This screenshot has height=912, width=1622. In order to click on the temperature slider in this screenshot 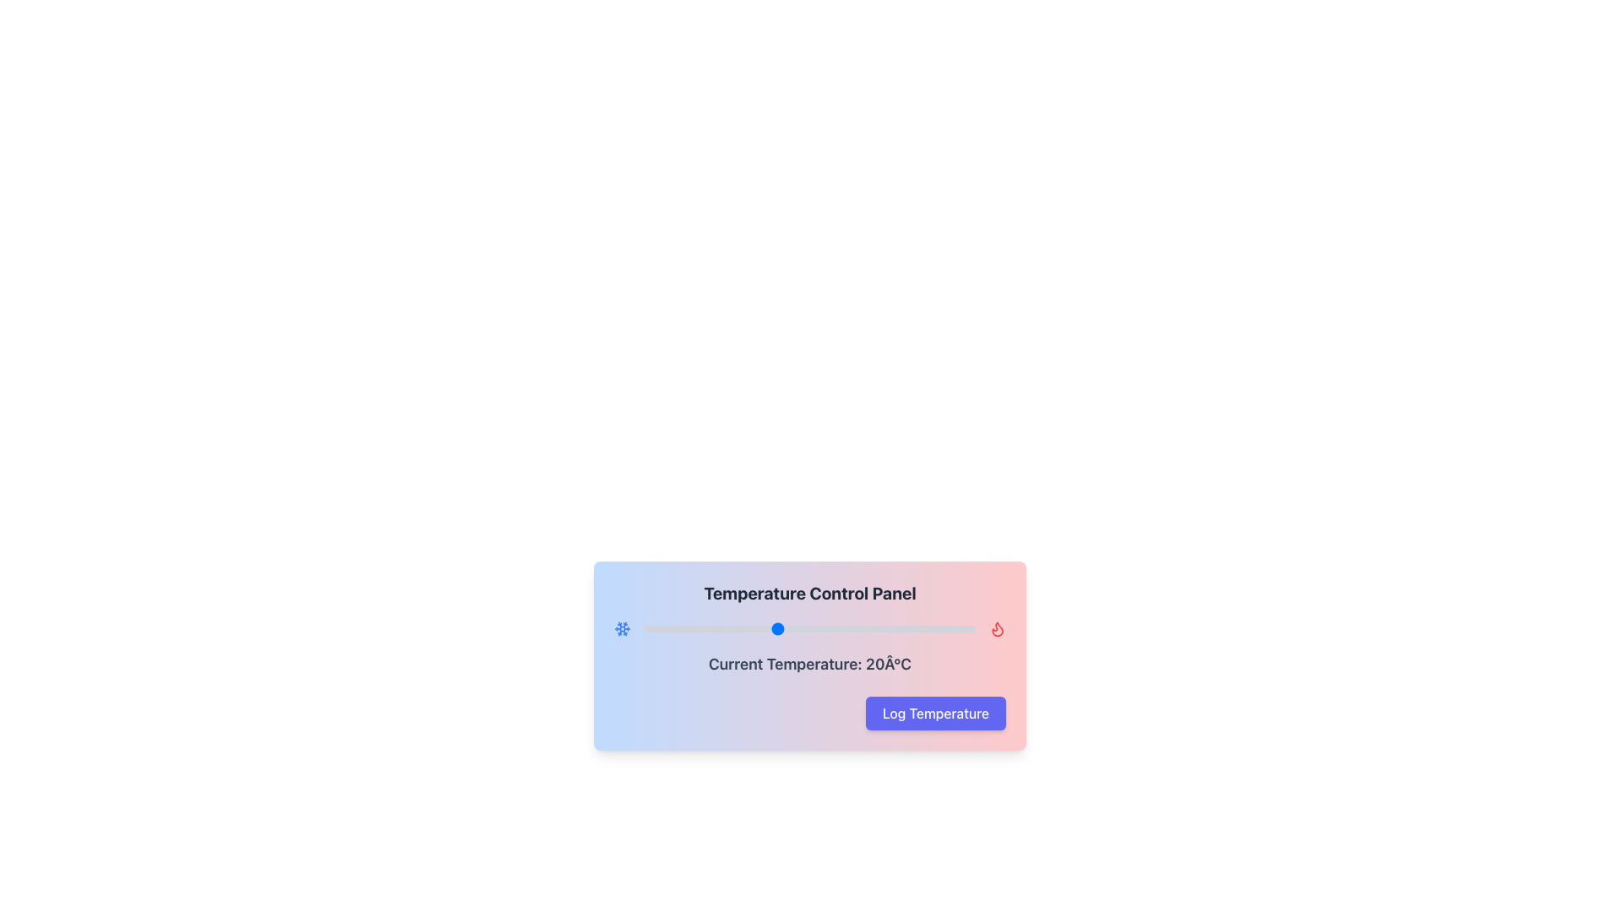, I will do `click(683, 628)`.